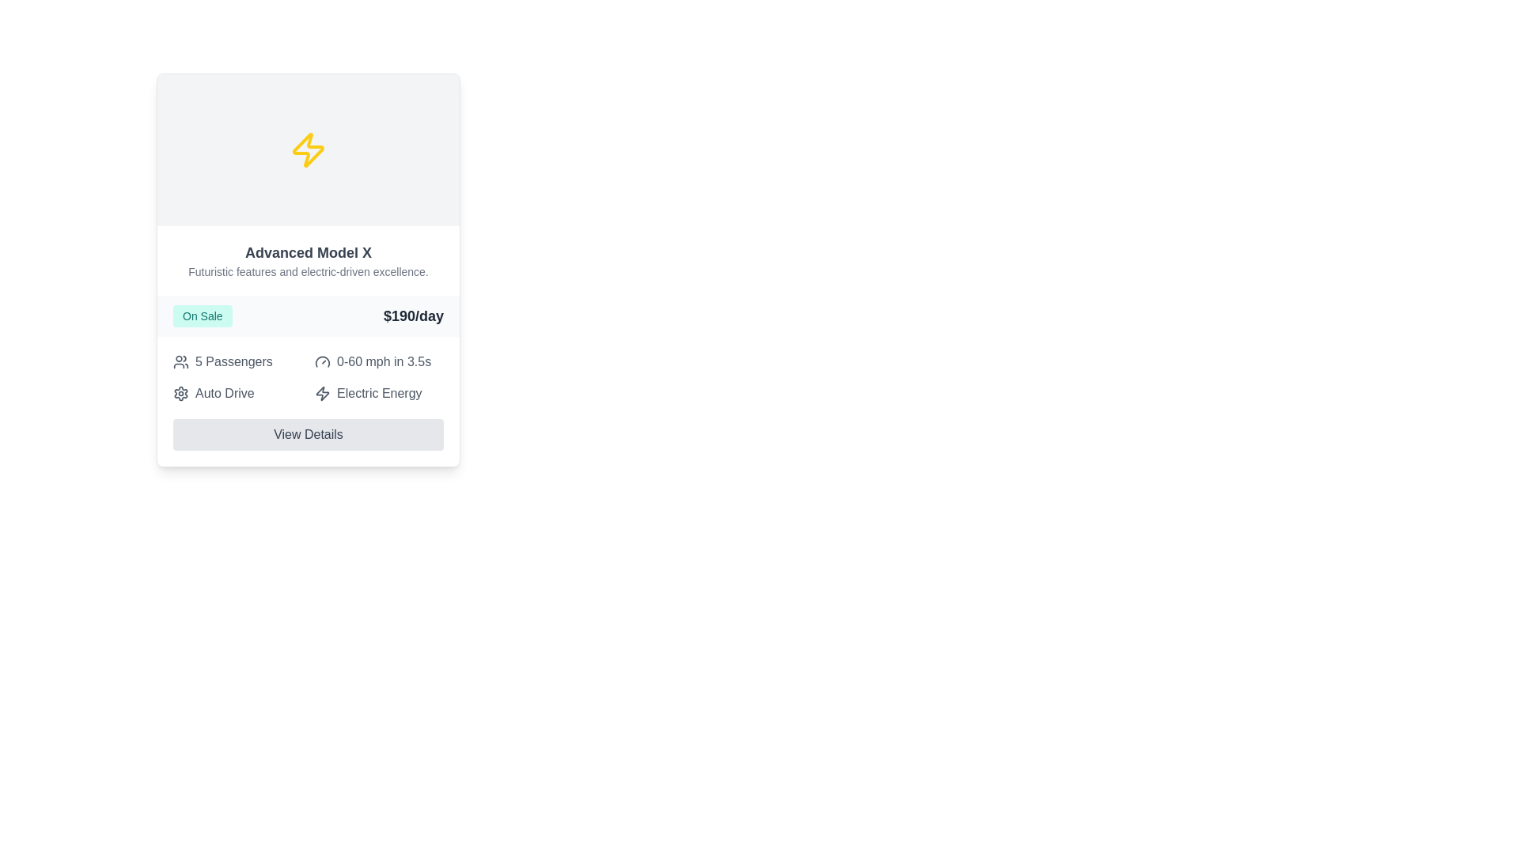  I want to click on the electric-related icon located to the left of the text 'Electric Energy' in the bottom section of the card, so click(322, 392).